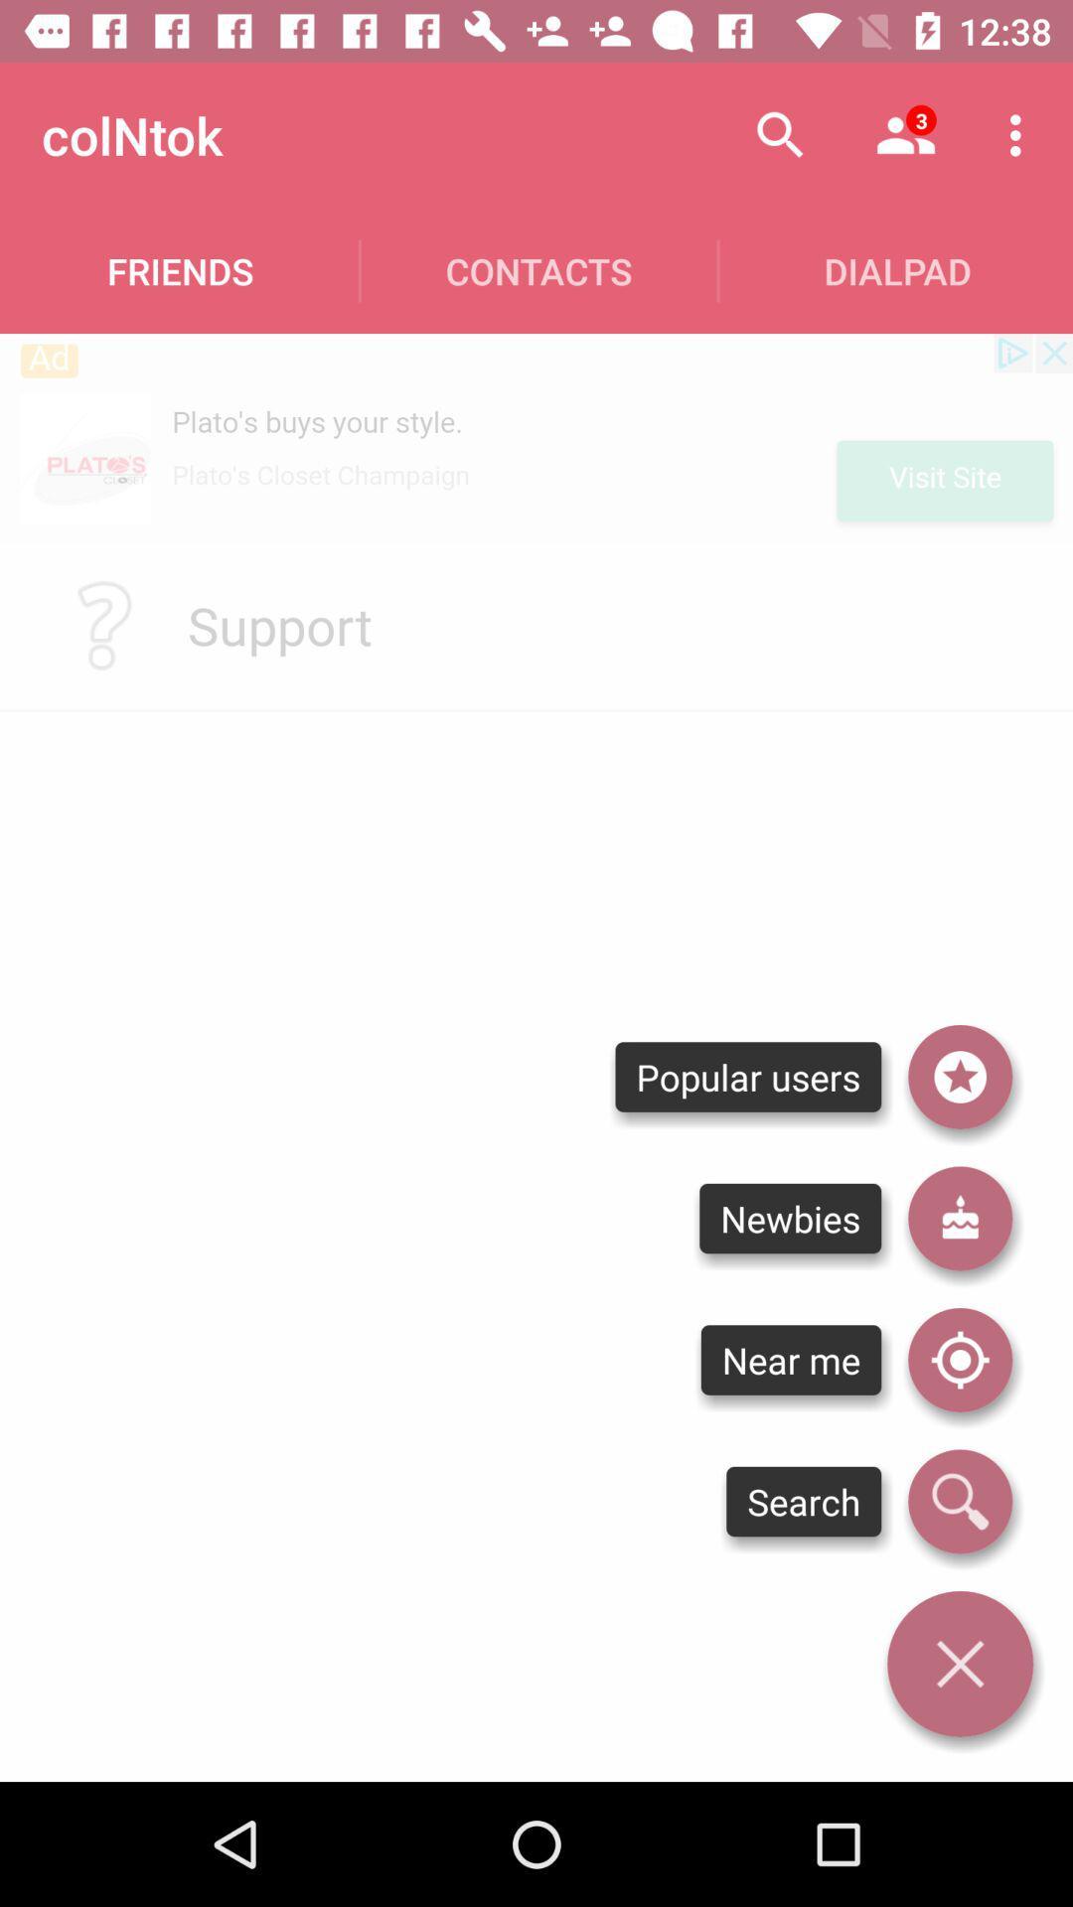 The image size is (1073, 1907). What do you see at coordinates (959, 1218) in the screenshot?
I see `goto newbies` at bounding box center [959, 1218].